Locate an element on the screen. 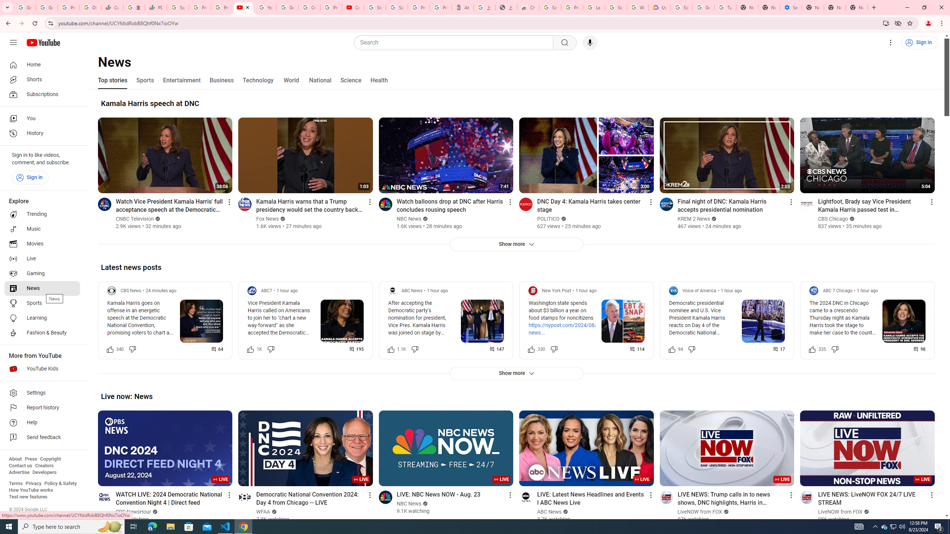  'Science' is located at coordinates (350, 80).